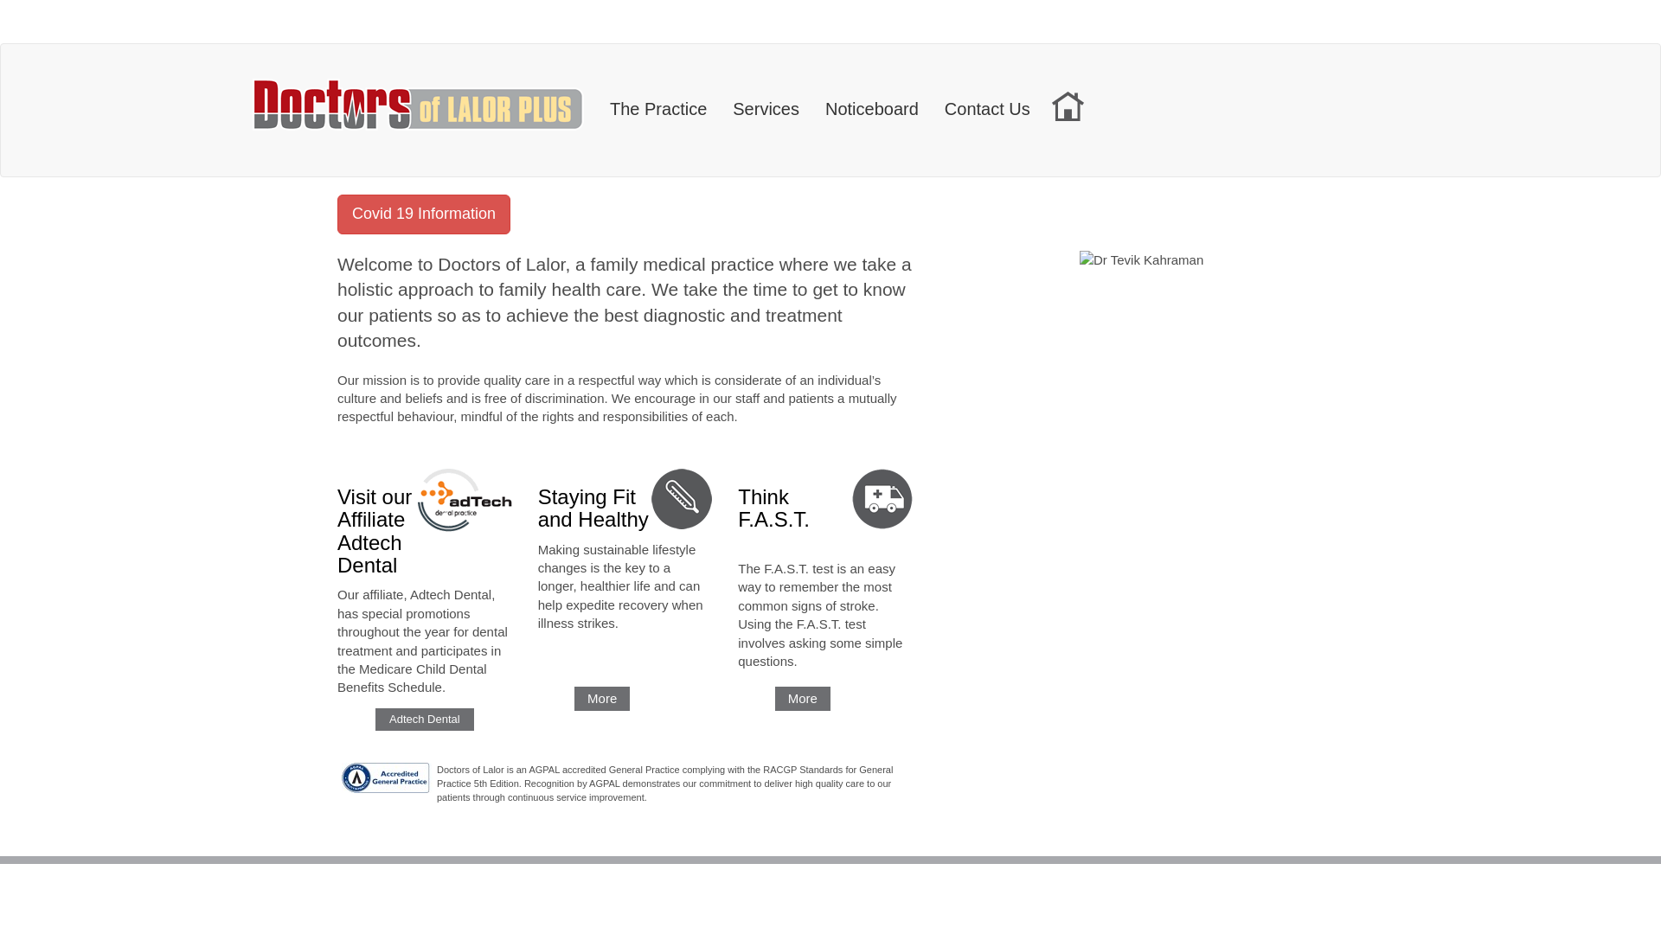 The width and height of the screenshot is (1661, 934). I want to click on 'The Practice', so click(597, 104).